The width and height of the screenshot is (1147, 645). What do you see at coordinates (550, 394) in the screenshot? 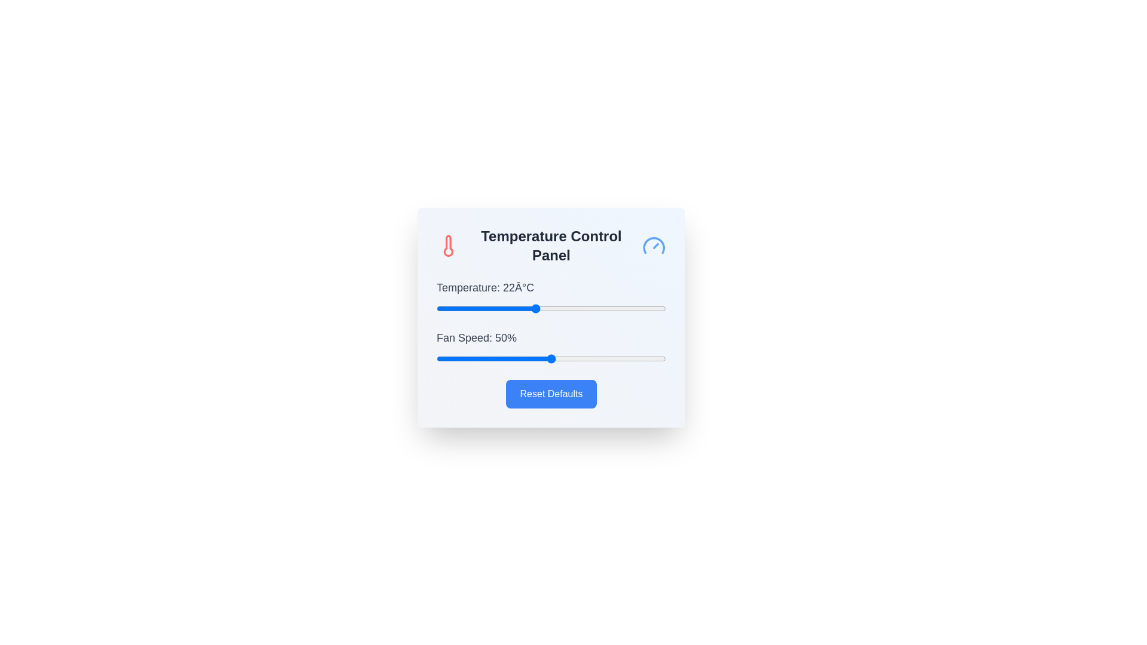
I see `'Reset Defaults' button to reset the settings to their default values` at bounding box center [550, 394].